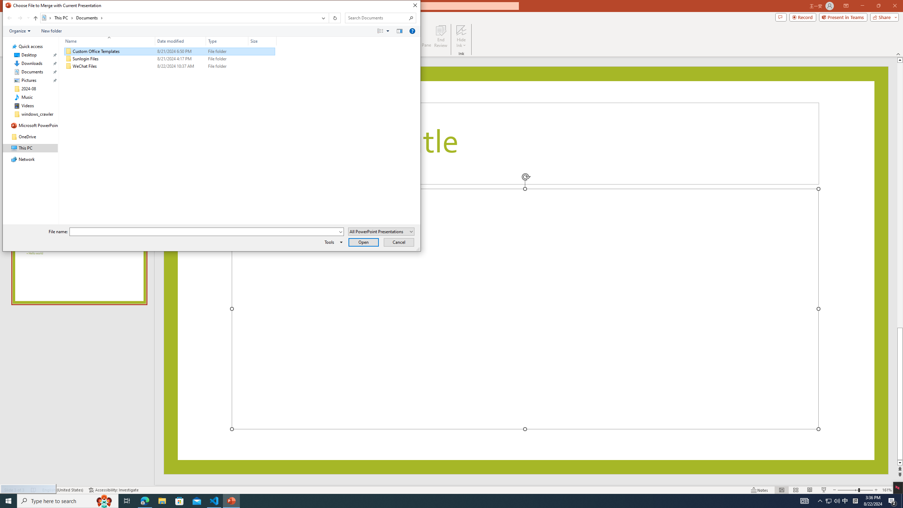 Image resolution: width=903 pixels, height=508 pixels. I want to click on 'Organize', so click(20, 31).